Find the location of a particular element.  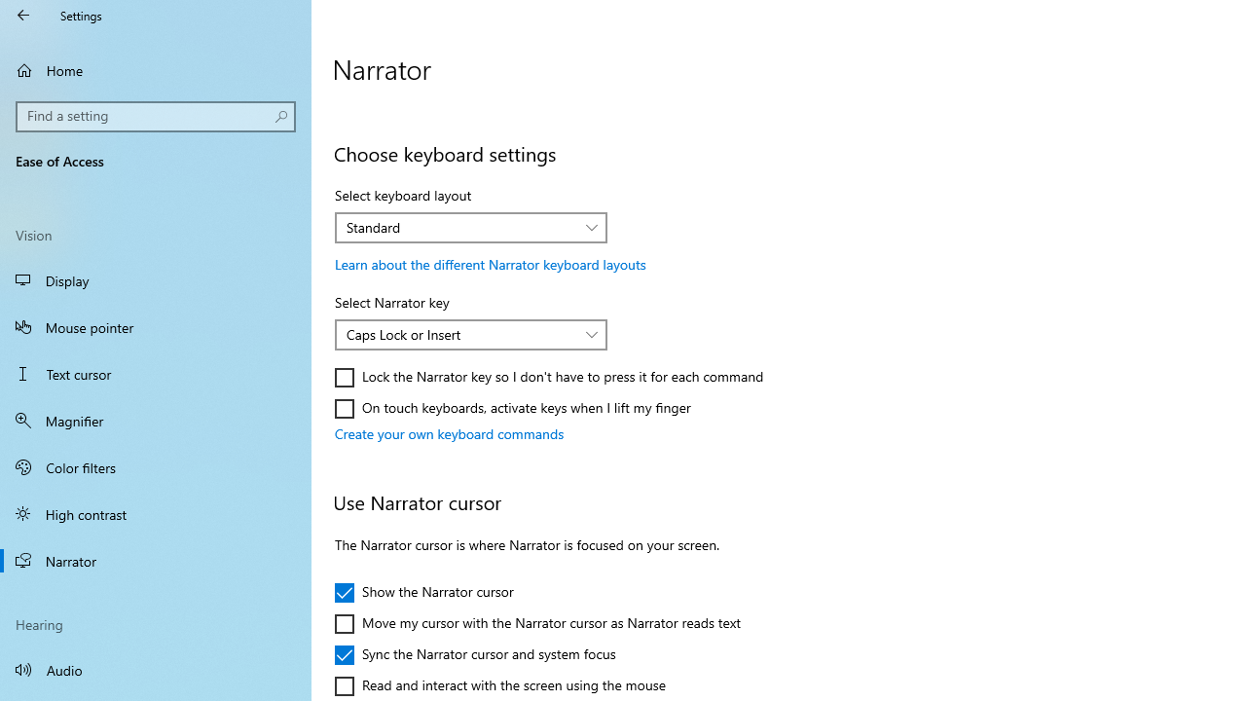

'Caps Lock or Insert' is located at coordinates (459, 333).